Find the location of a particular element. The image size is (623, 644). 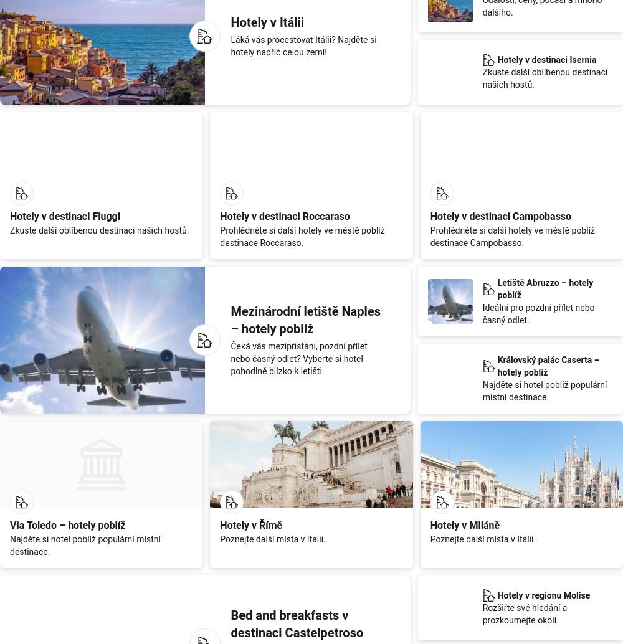

'Láká vás procestovat Itálii? Najděte si hotely napříč celou zemí!' is located at coordinates (303, 45).